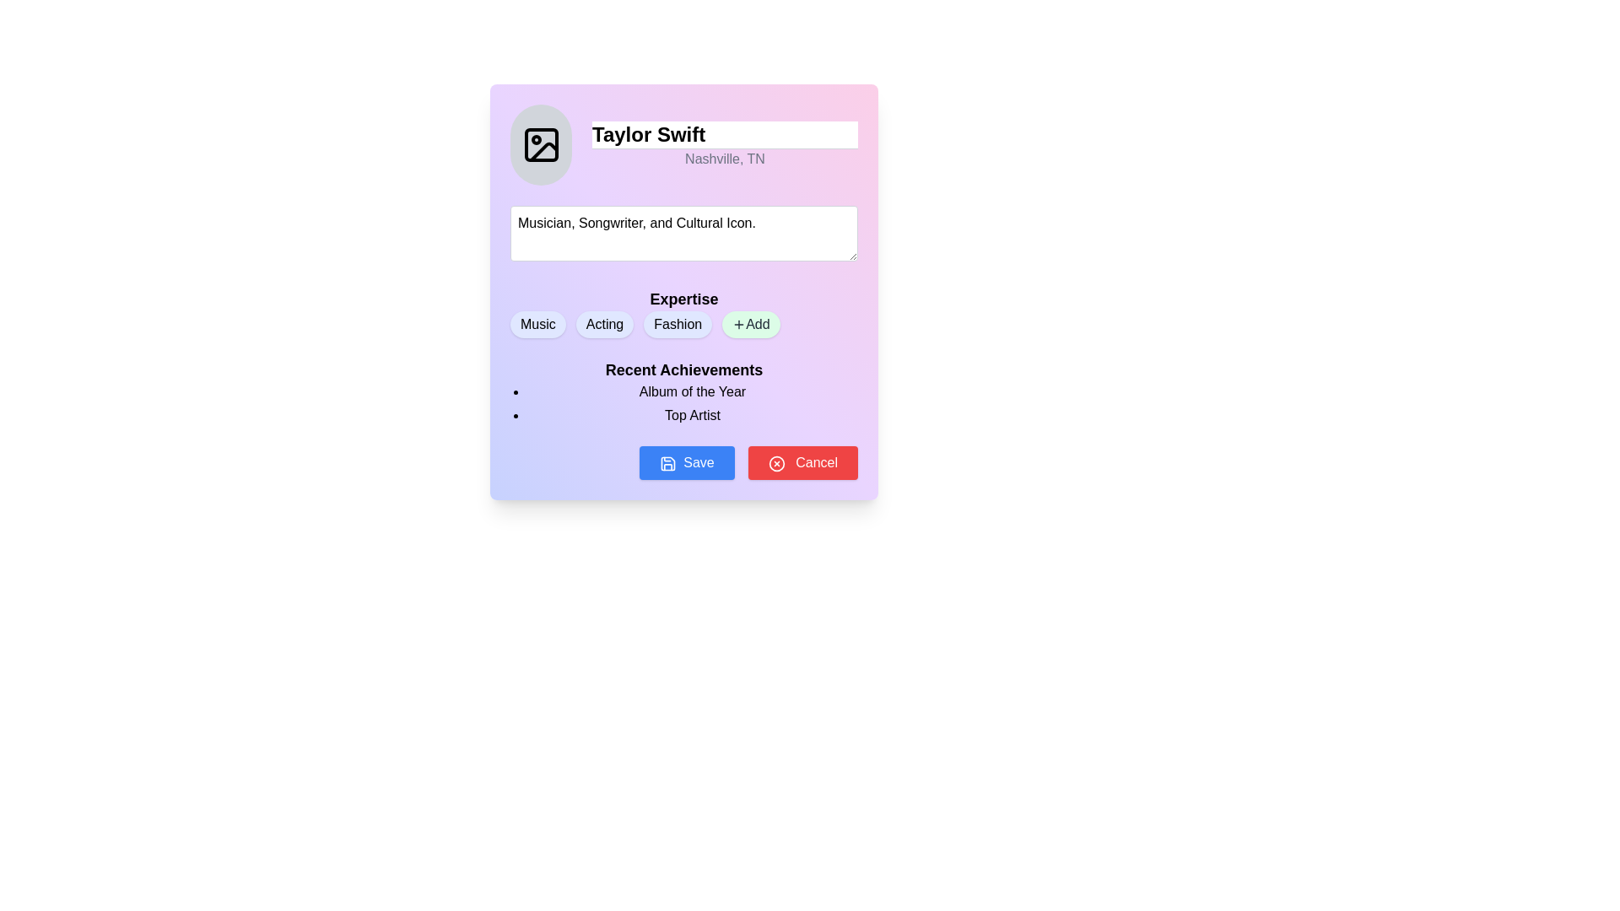  Describe the element at coordinates (667, 463) in the screenshot. I see `the blue 'Save' button with a floppy disk icon located below the 'Recent Achievements' section` at that location.